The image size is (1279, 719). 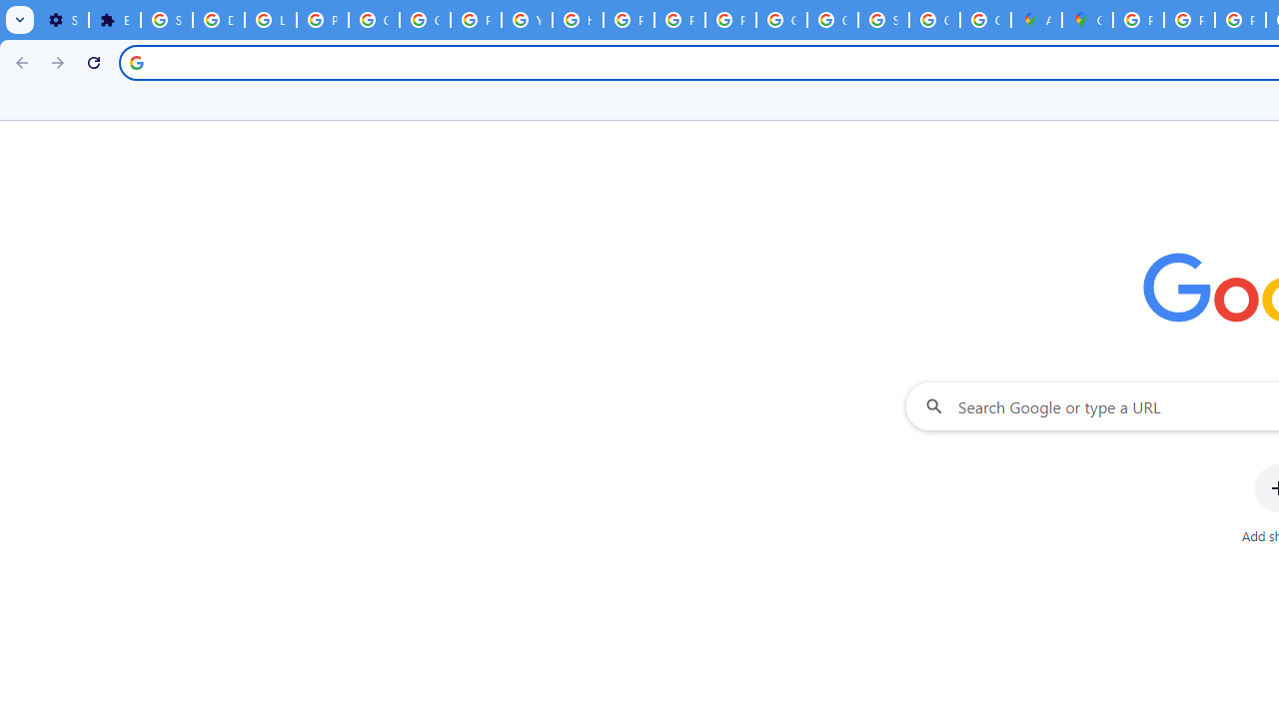 I want to click on 'Google Maps', so click(x=1086, y=20).